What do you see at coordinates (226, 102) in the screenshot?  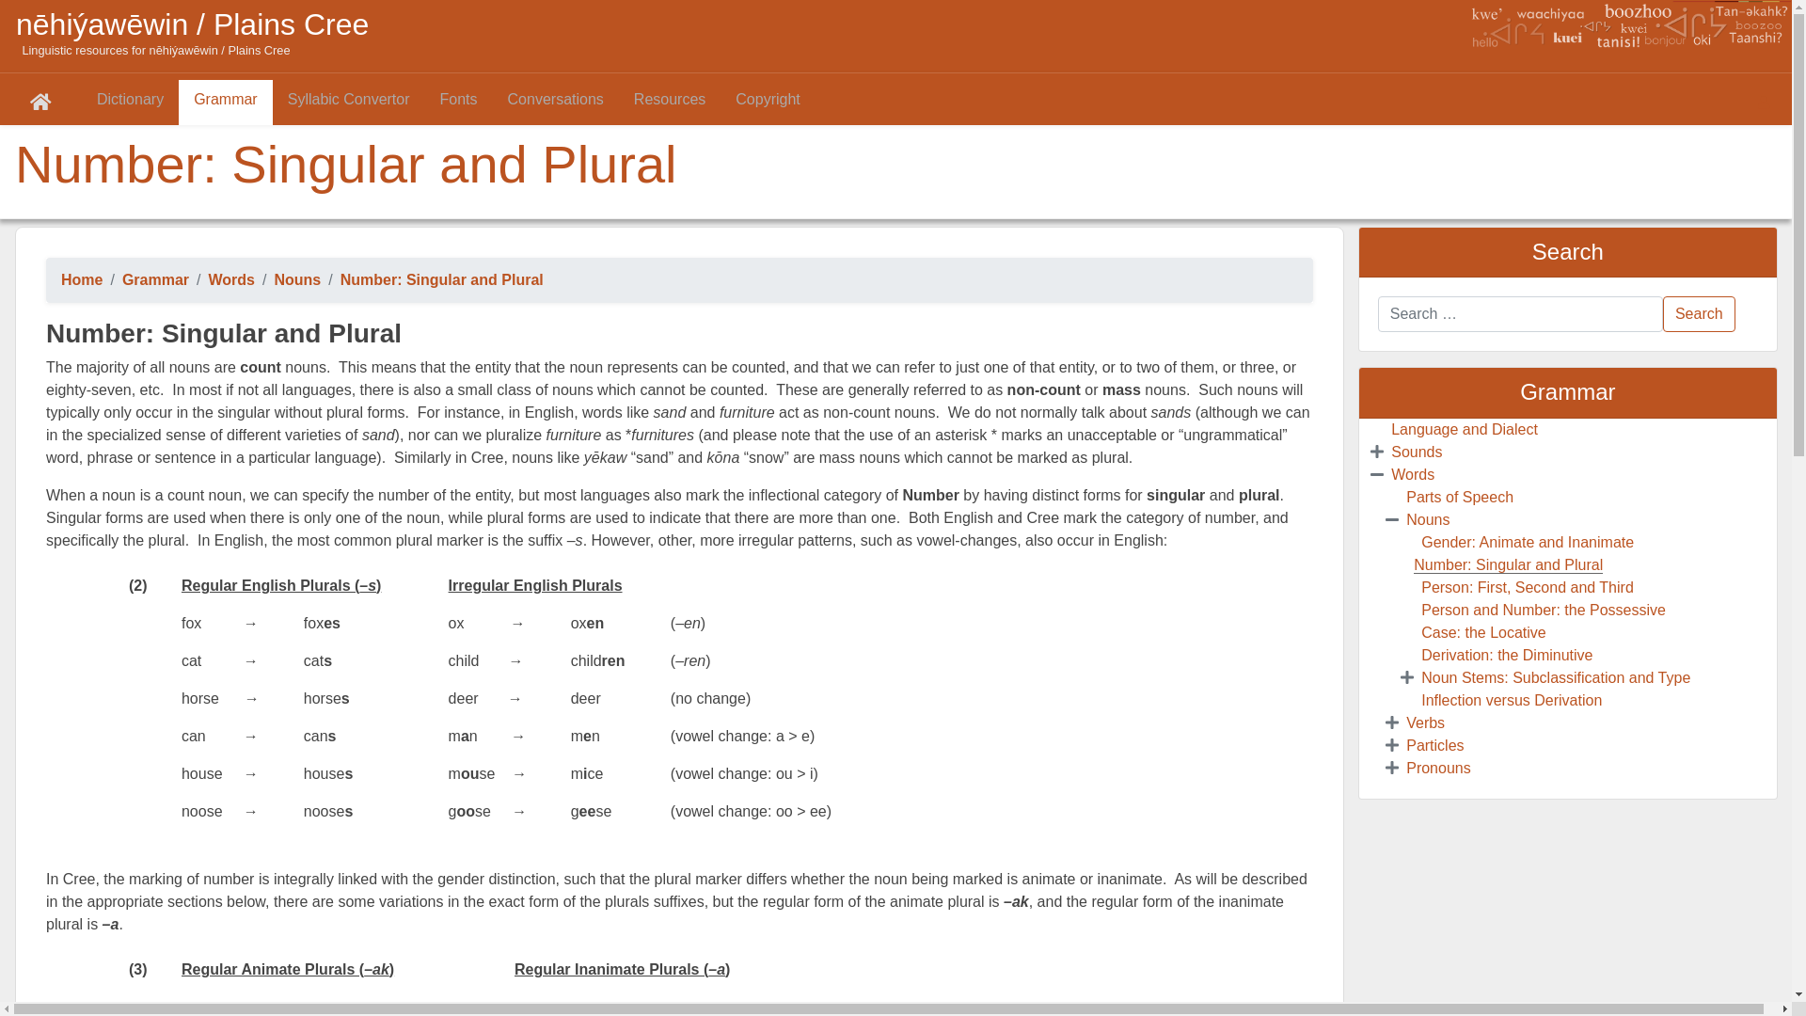 I see `'Grammar'` at bounding box center [226, 102].